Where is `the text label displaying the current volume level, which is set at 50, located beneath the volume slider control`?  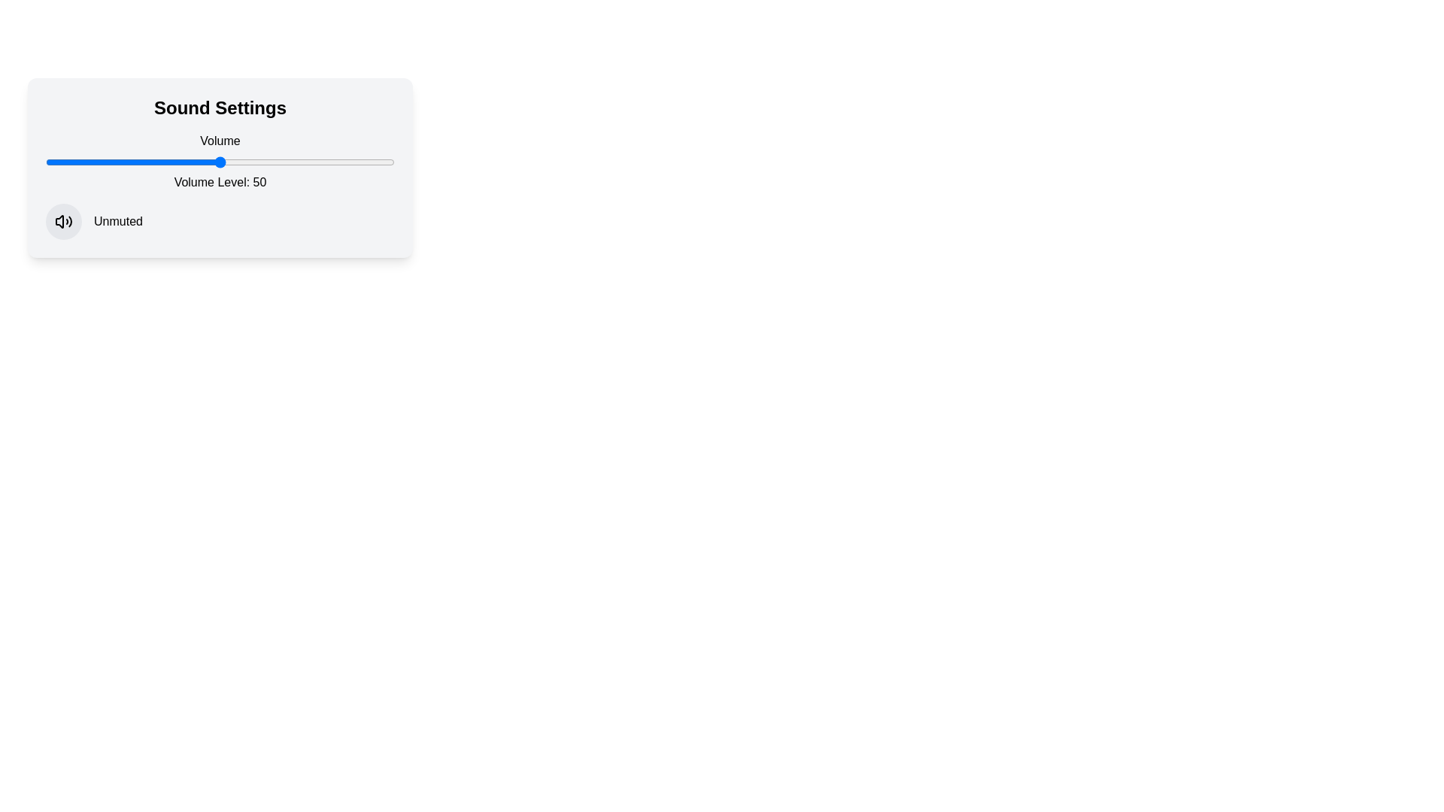 the text label displaying the current volume level, which is set at 50, located beneath the volume slider control is located at coordinates (219, 182).